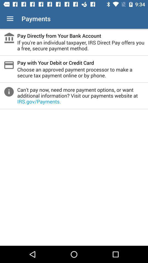 The height and width of the screenshot is (263, 148). What do you see at coordinates (10, 19) in the screenshot?
I see `item to the left of the payments app` at bounding box center [10, 19].